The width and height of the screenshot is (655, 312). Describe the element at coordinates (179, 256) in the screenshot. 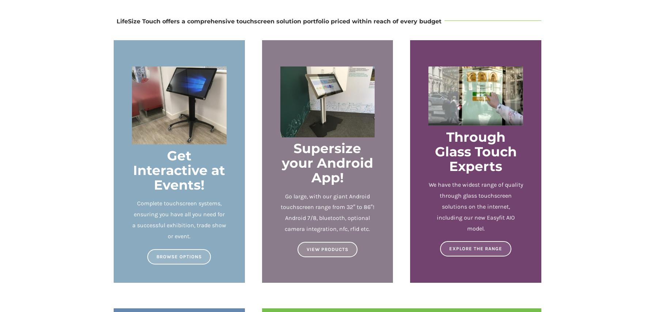

I see `'BROWSE OPTIONS'` at that location.